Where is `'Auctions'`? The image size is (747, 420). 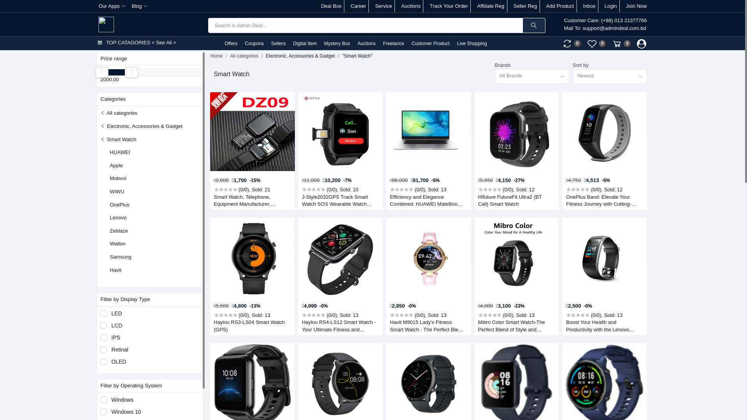 'Auctions' is located at coordinates (366, 43).